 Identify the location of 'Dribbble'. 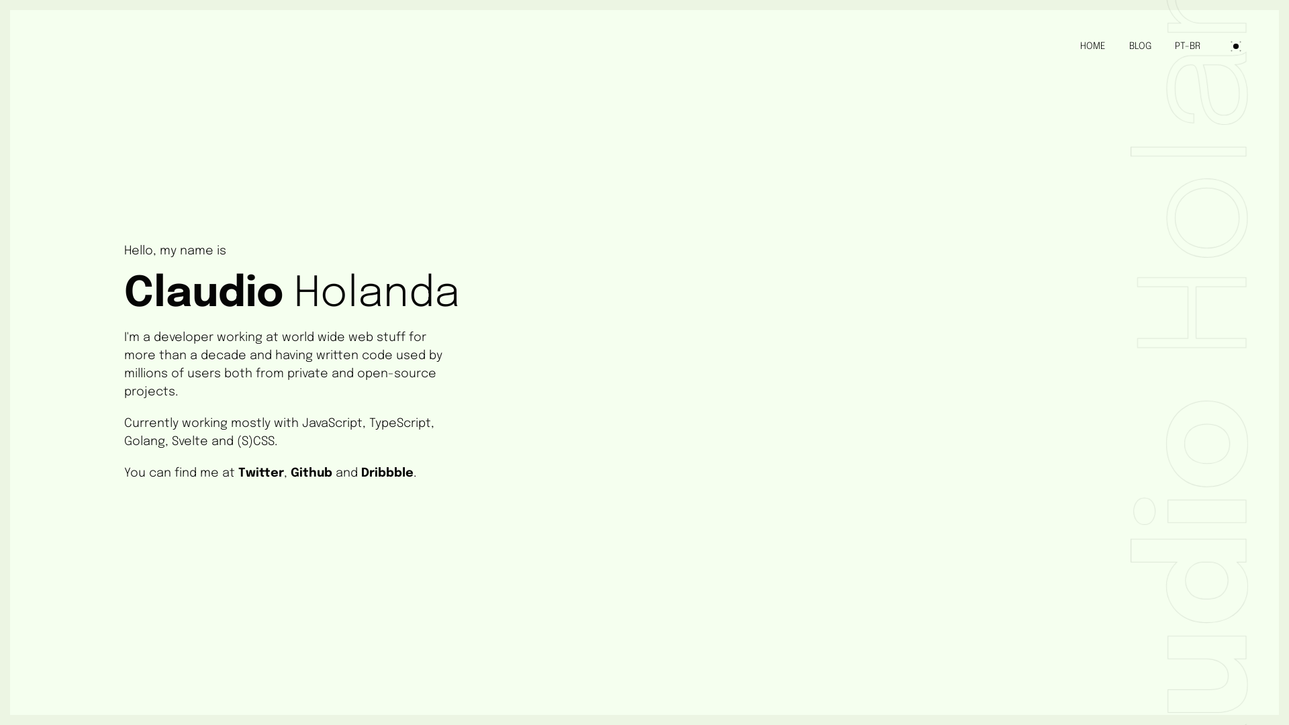
(386, 473).